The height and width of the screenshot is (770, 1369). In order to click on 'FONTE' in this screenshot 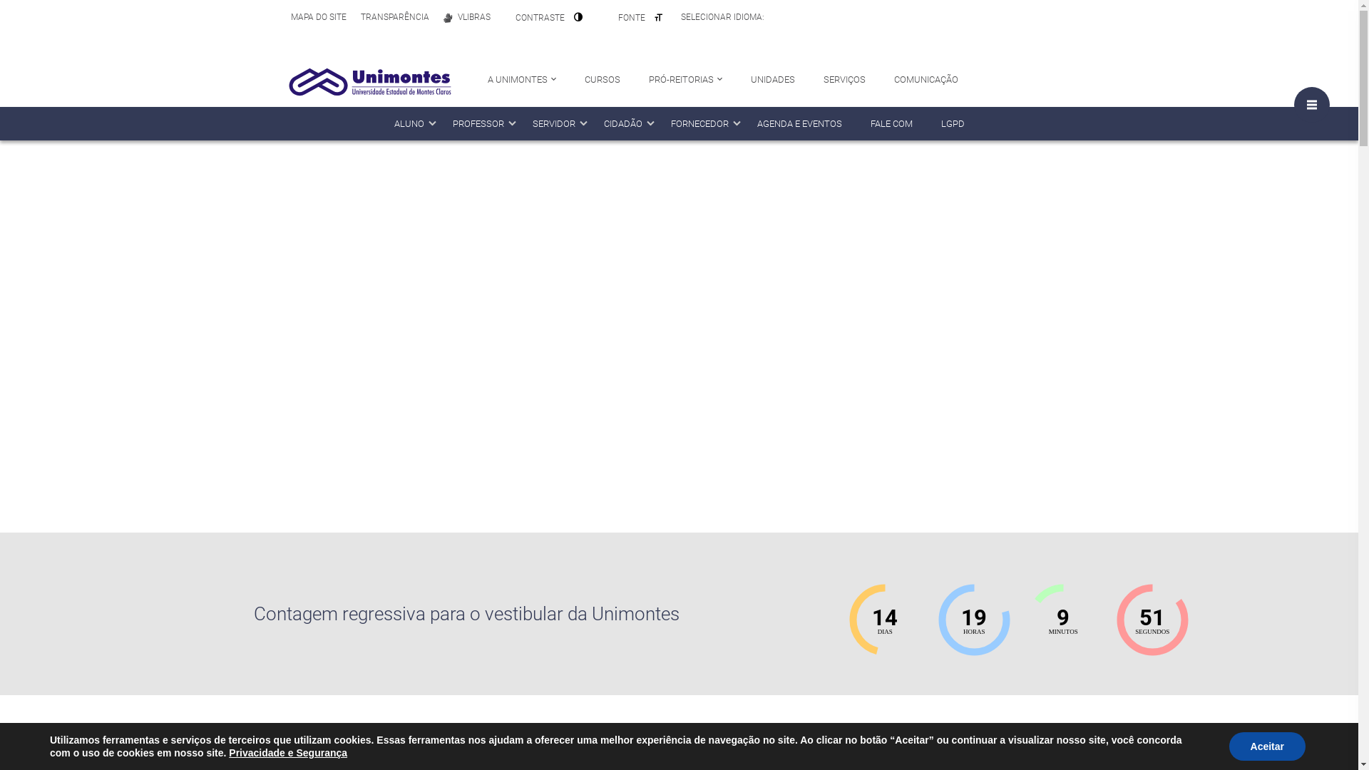, I will do `click(640, 16)`.